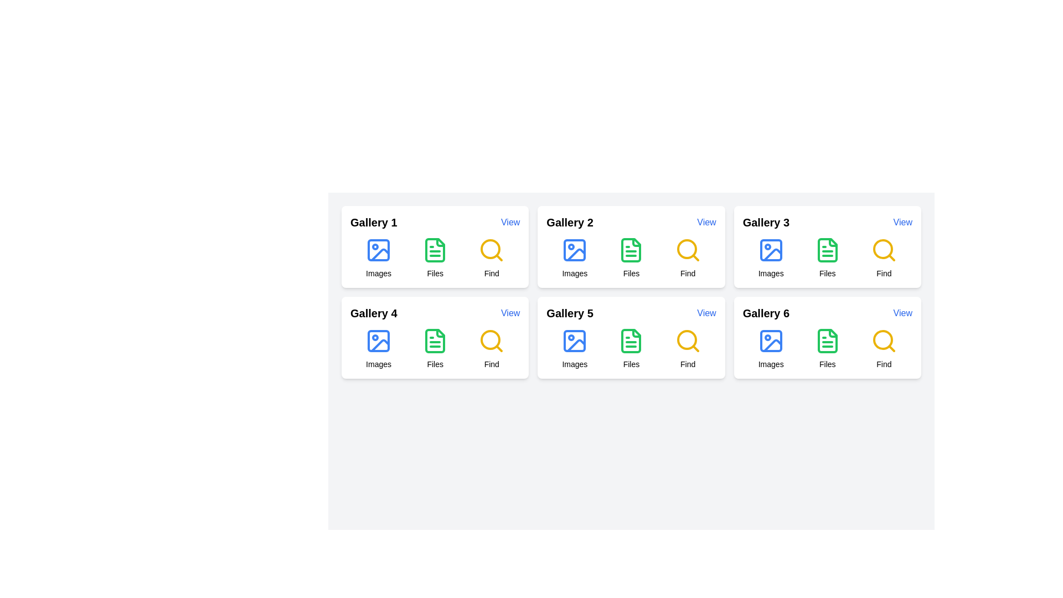  Describe the element at coordinates (435, 250) in the screenshot. I see `the green file icon with a folded top-right corner in the 'Gallery 1' row` at that location.